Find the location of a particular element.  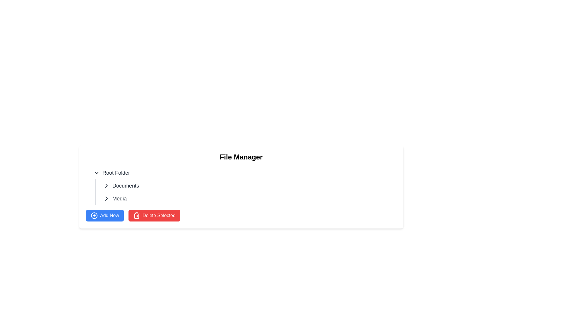

the chevron-right icon button located to the immediate left of the 'Documents' text in the file management interface is located at coordinates (107, 186).